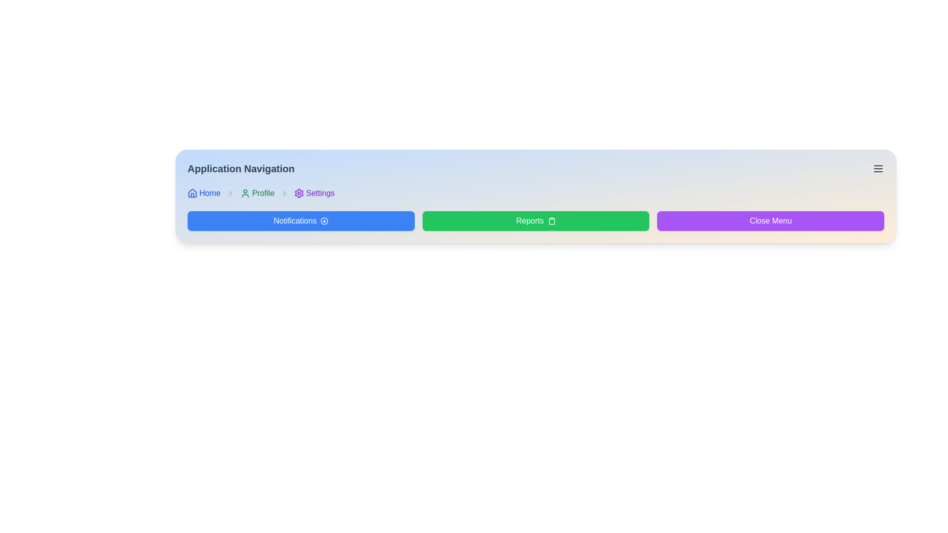  What do you see at coordinates (535, 220) in the screenshot?
I see `the 'Reports' button, which has a green background and white text, located in the lower portion of the 'Application Navigation' panel` at bounding box center [535, 220].